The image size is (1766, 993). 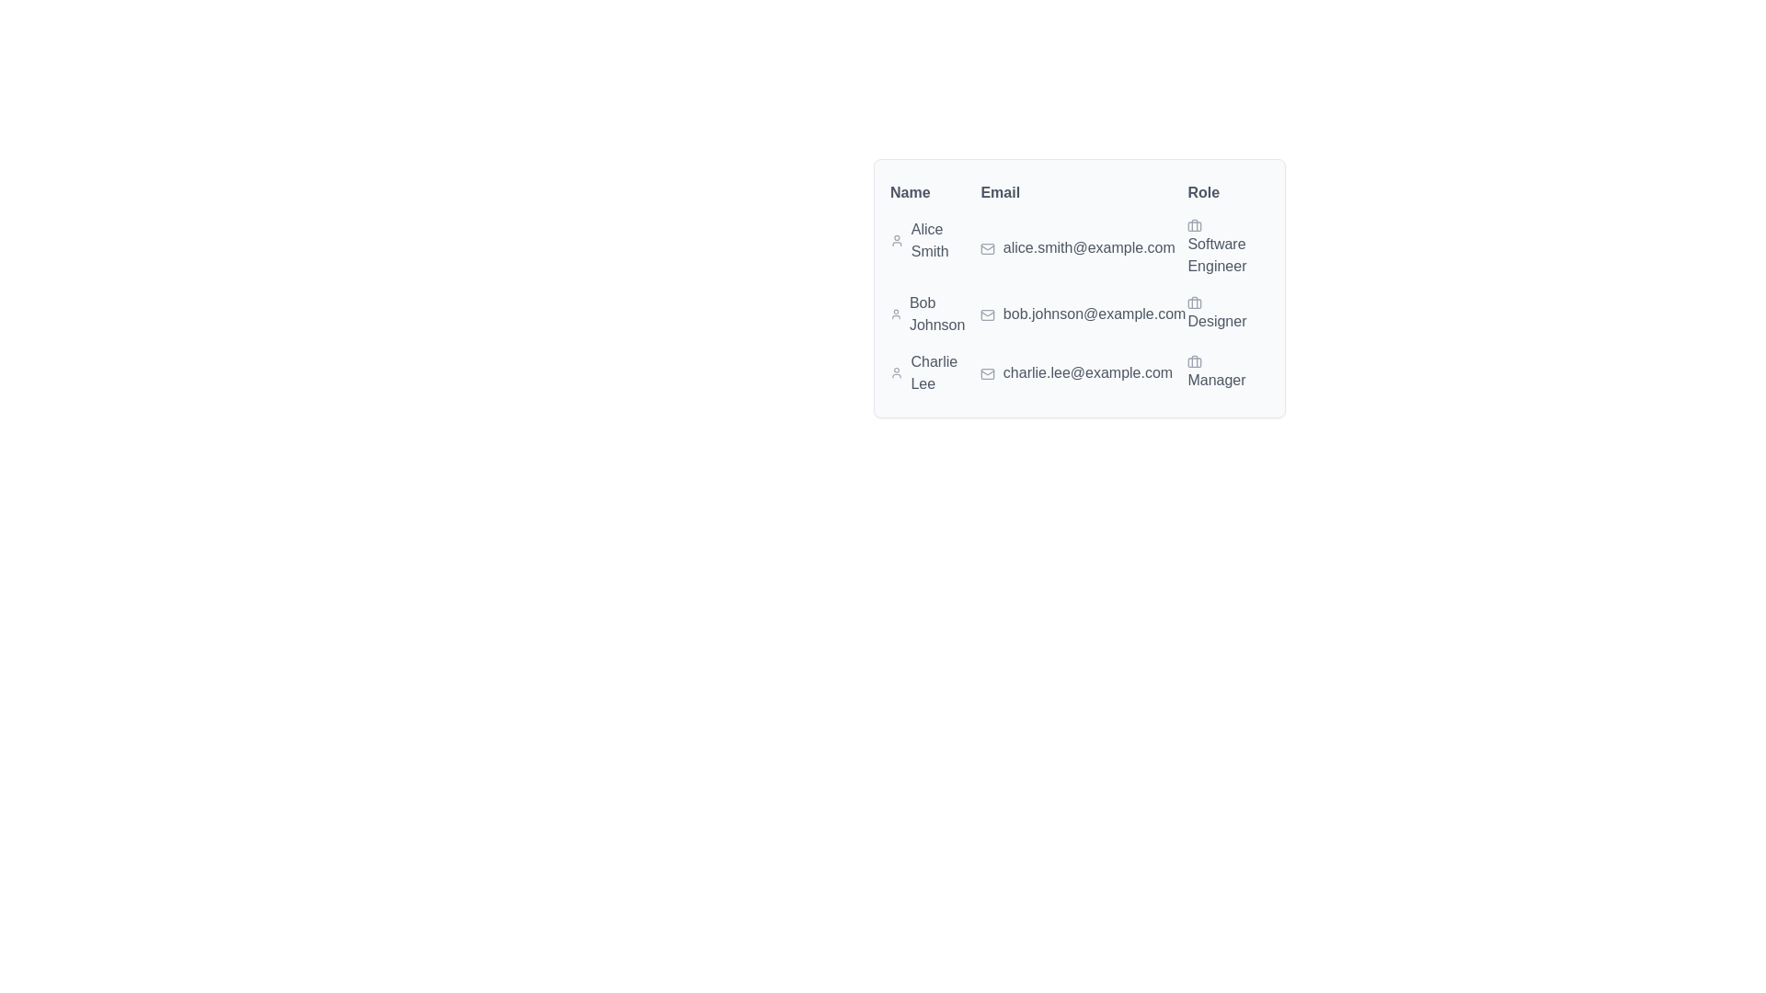 I want to click on the user icon associated with 'Bob Johnson', so click(x=896, y=314).